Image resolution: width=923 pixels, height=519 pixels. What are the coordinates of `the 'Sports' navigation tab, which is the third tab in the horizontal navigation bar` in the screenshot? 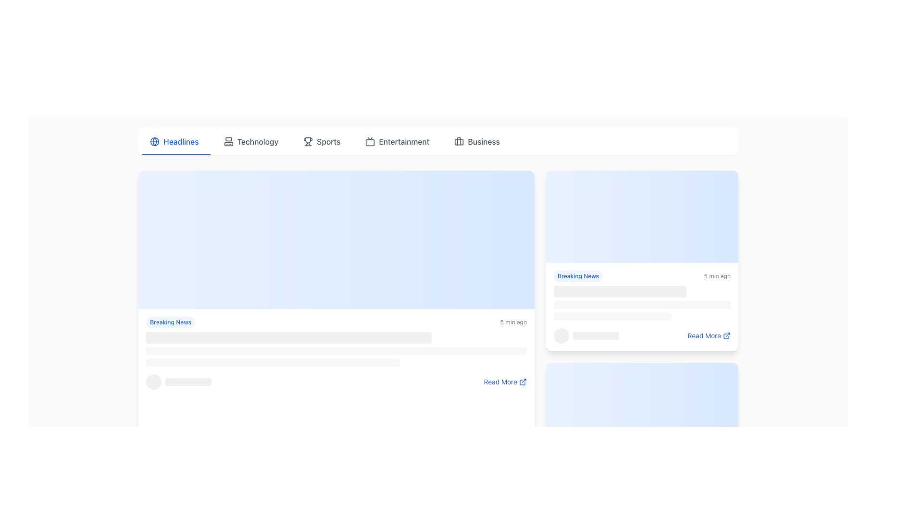 It's located at (322, 141).